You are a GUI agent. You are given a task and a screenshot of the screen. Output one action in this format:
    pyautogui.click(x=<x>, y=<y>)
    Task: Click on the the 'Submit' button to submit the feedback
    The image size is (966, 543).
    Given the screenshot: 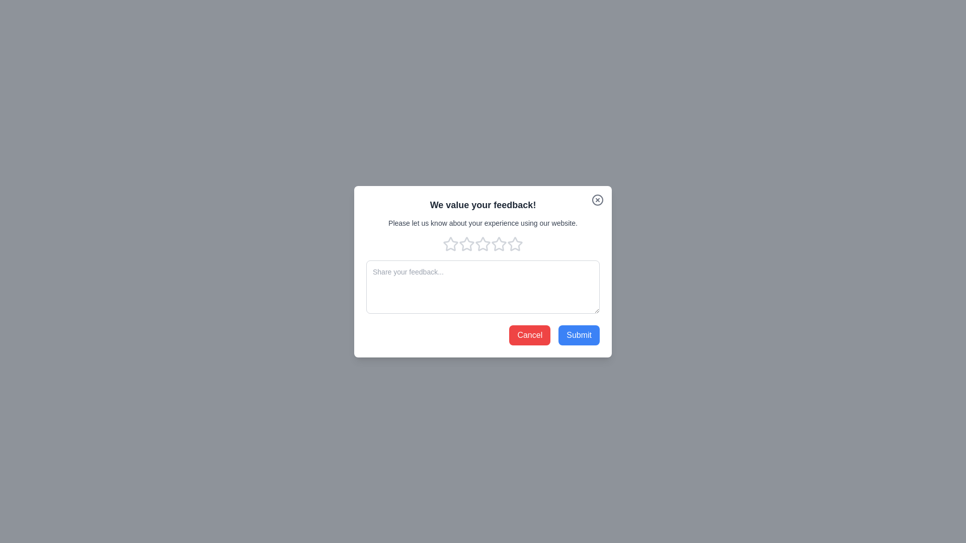 What is the action you would take?
    pyautogui.click(x=579, y=335)
    